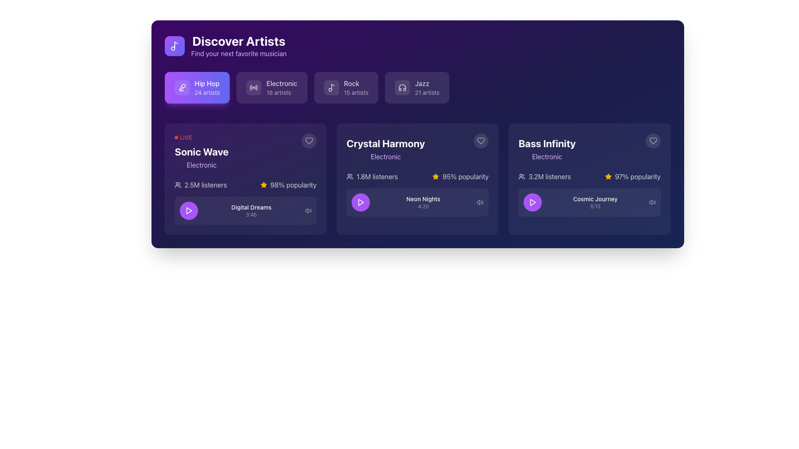 The height and width of the screenshot is (449, 799). What do you see at coordinates (356, 83) in the screenshot?
I see `the static text label displaying 'Rock', which is centrally located within the third button from the left in the top row of genre buttons` at bounding box center [356, 83].